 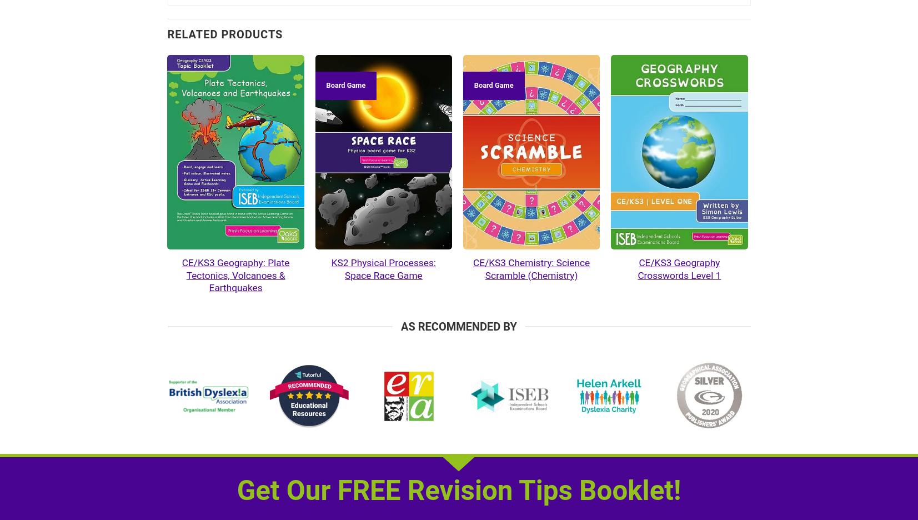 What do you see at coordinates (234, 274) in the screenshot?
I see `'CE/KS3 Geography: Plate Tectonics, Volcanoes & Earthquakes'` at bounding box center [234, 274].